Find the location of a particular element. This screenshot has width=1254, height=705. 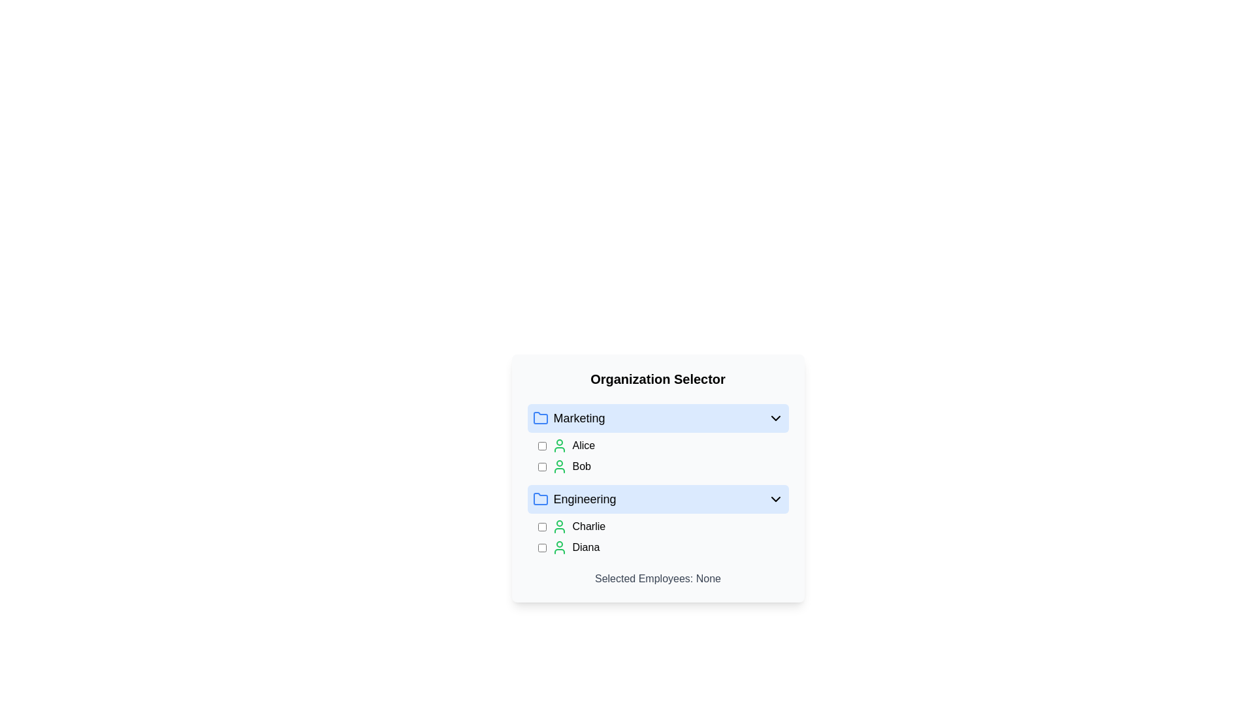

the text label displaying 'Diana' located in the 'Engineering' section of the 'Organization Selector' list, positioned to the right of a green user icon and a checkbox is located at coordinates (585, 548).